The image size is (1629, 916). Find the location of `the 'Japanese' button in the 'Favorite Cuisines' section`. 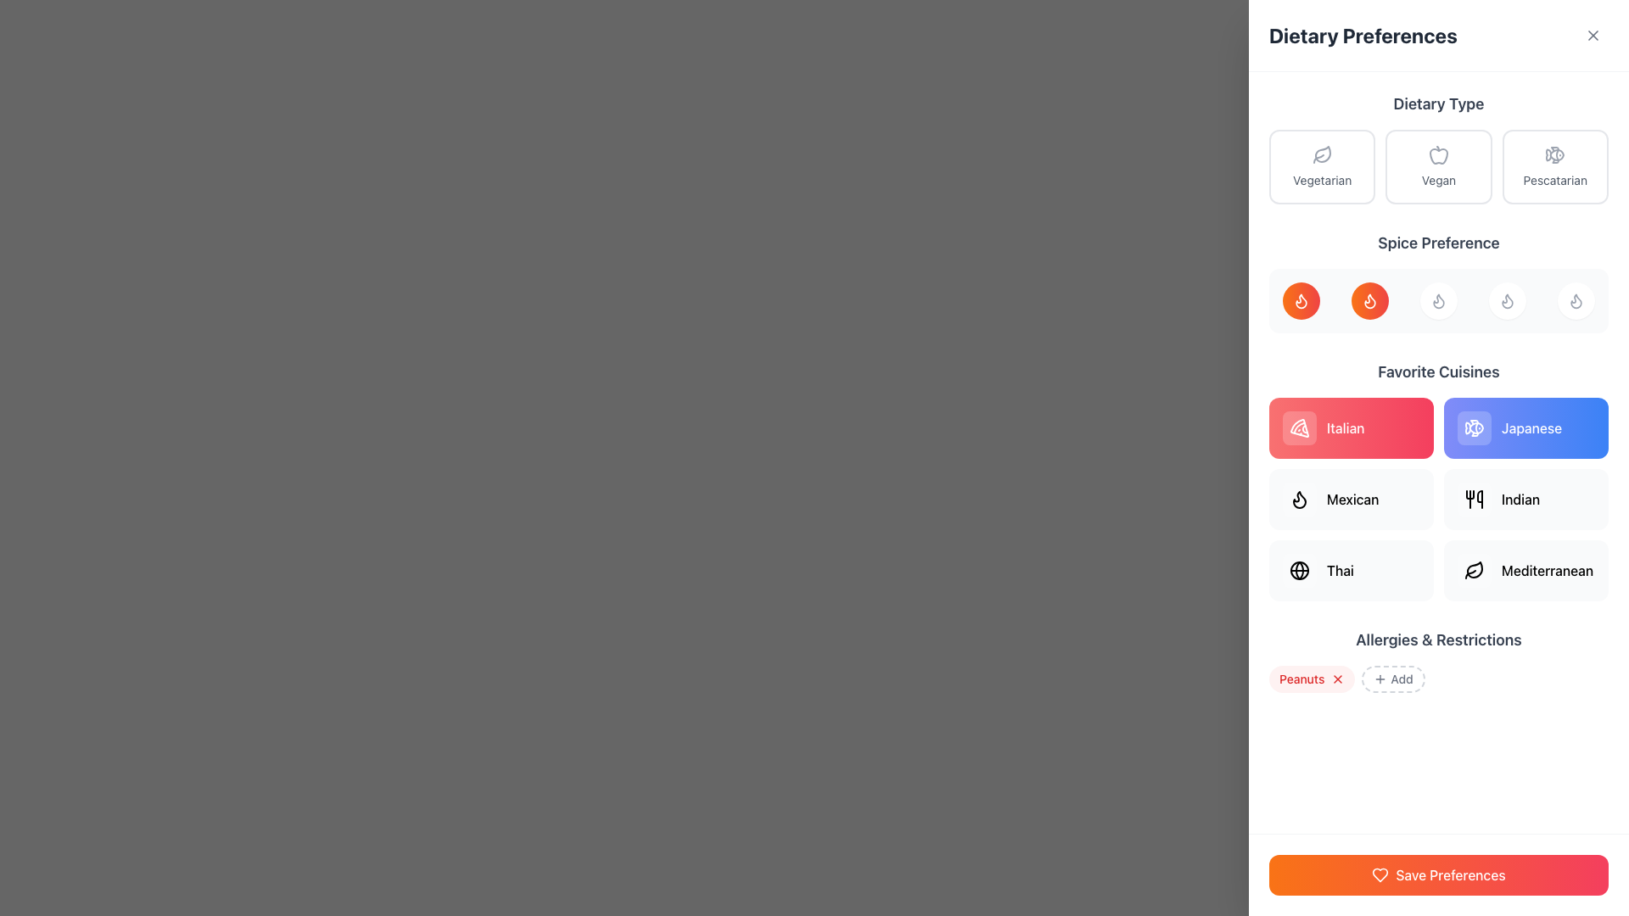

the 'Japanese' button in the 'Favorite Cuisines' section is located at coordinates (1526, 427).